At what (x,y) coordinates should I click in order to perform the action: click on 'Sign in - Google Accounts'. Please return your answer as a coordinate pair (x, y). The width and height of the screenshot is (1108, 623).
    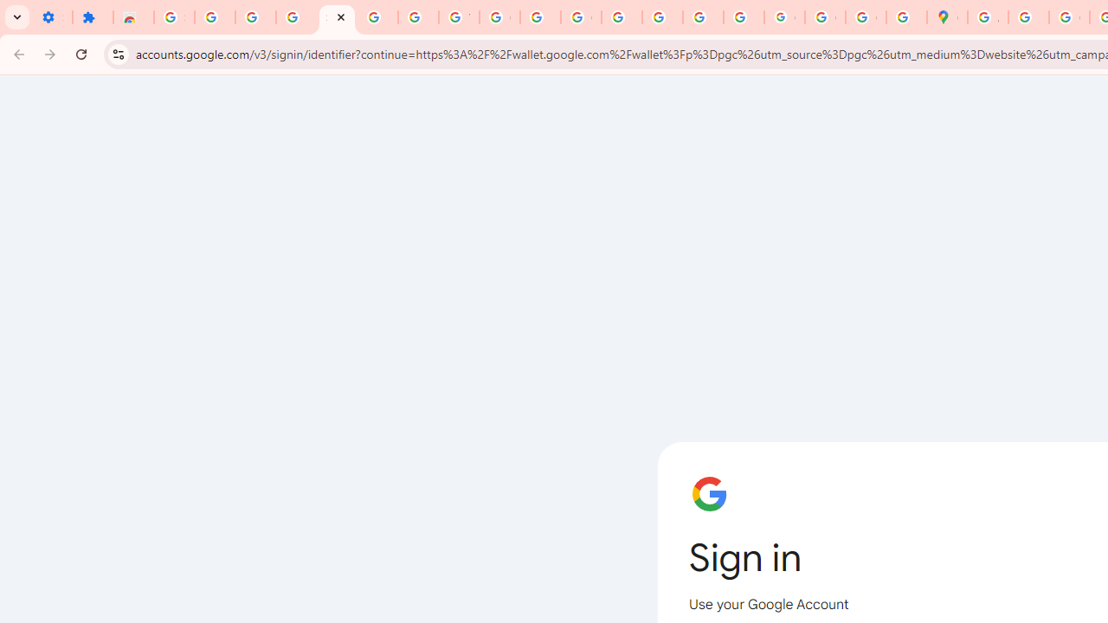
    Looking at the image, I should click on (174, 17).